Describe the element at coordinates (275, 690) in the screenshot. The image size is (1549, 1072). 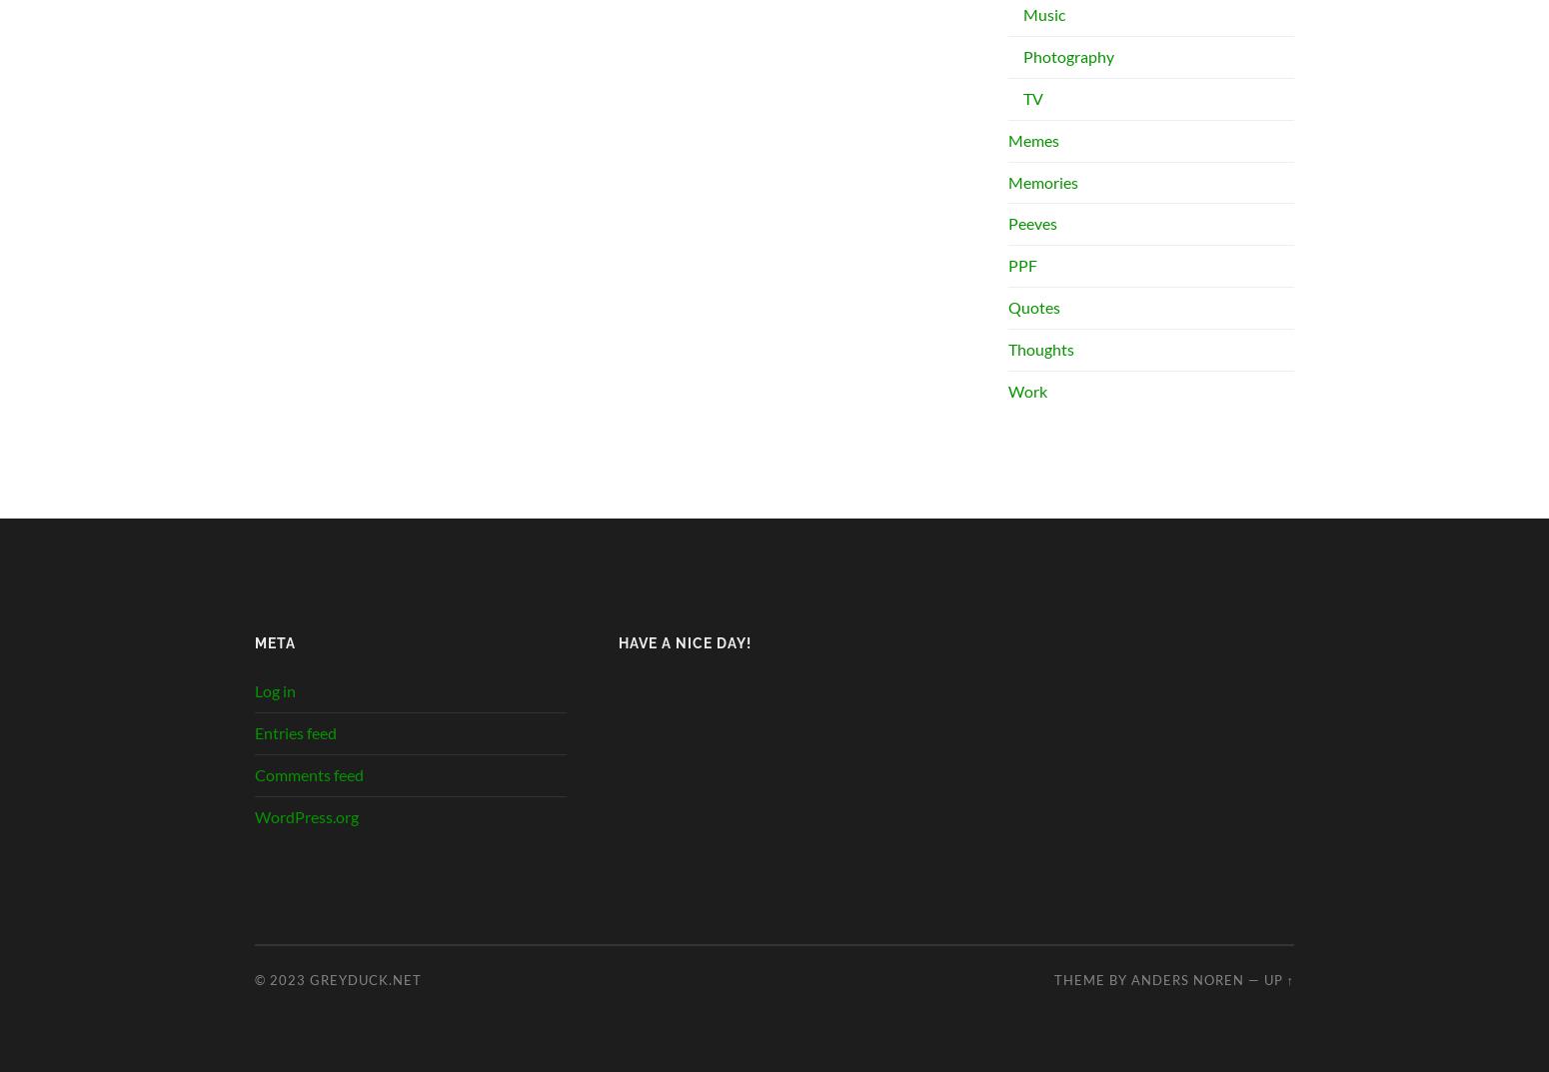
I see `'Log in'` at that location.